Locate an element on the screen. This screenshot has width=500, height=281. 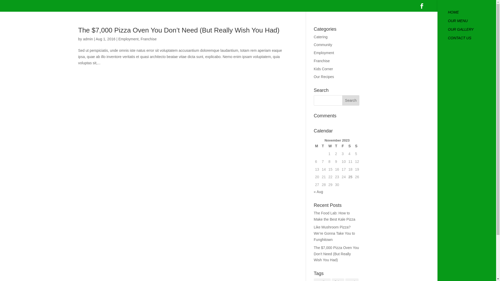
'HOME' is located at coordinates (472, 14).